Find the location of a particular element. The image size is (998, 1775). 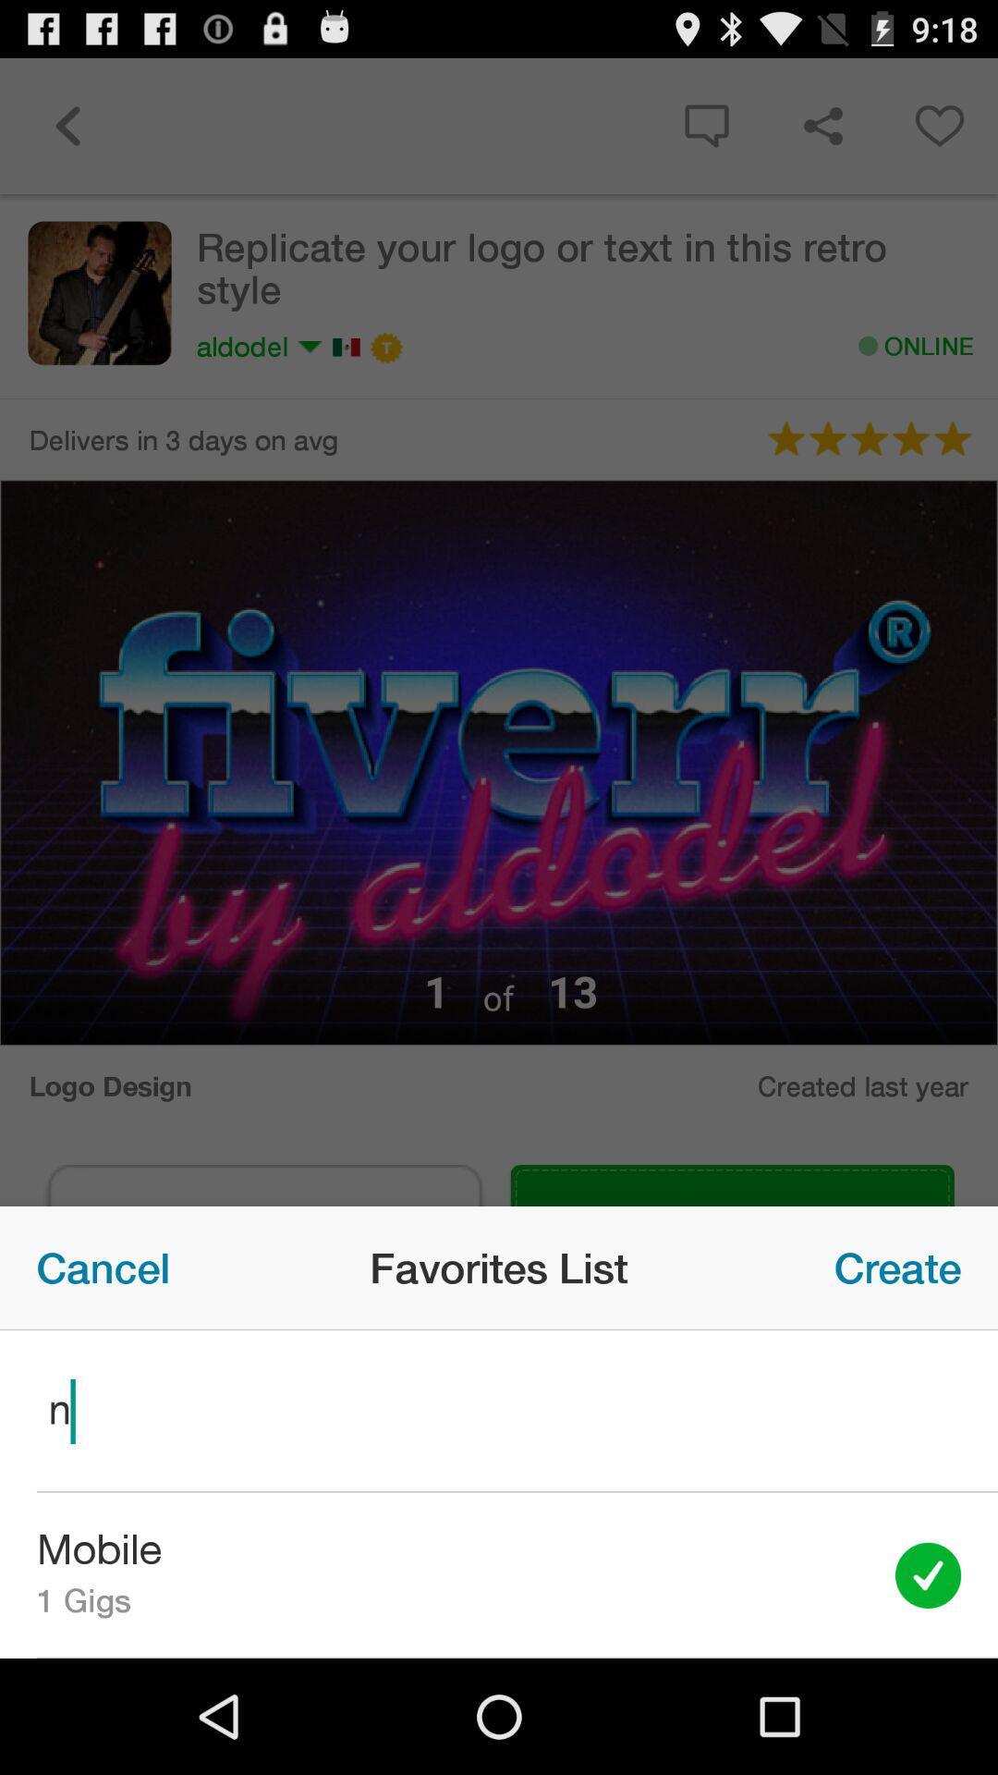

item next to favorites list item is located at coordinates (896, 1267).